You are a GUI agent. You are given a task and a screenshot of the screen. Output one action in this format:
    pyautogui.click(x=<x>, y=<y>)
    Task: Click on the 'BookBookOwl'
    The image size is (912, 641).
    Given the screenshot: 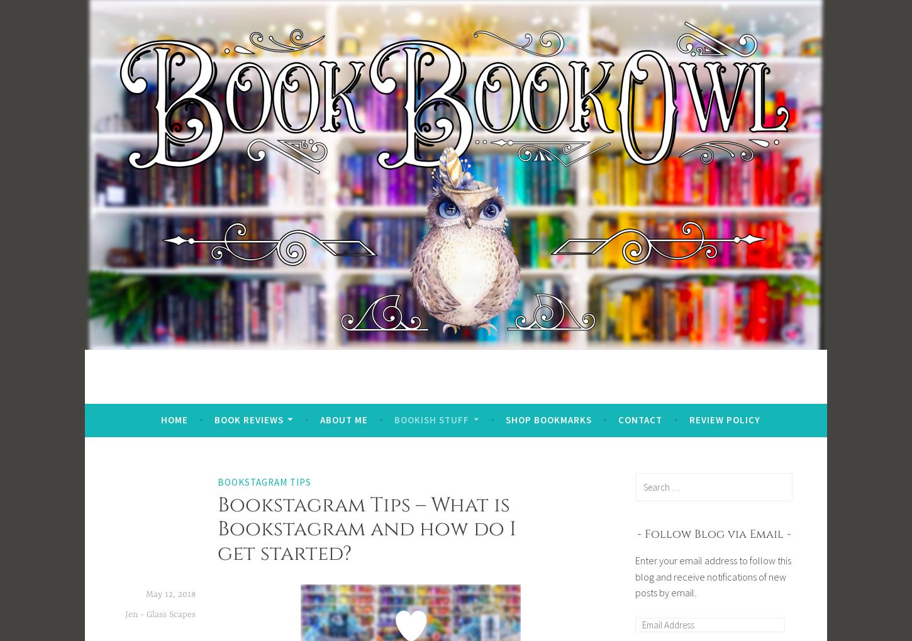 What is the action you would take?
    pyautogui.click(x=233, y=393)
    